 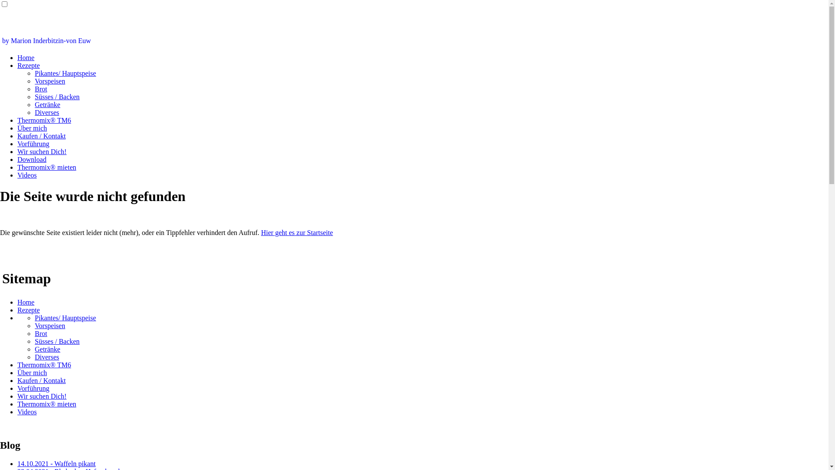 I want to click on 'Pikantes/ Hauptspeise', so click(x=65, y=73).